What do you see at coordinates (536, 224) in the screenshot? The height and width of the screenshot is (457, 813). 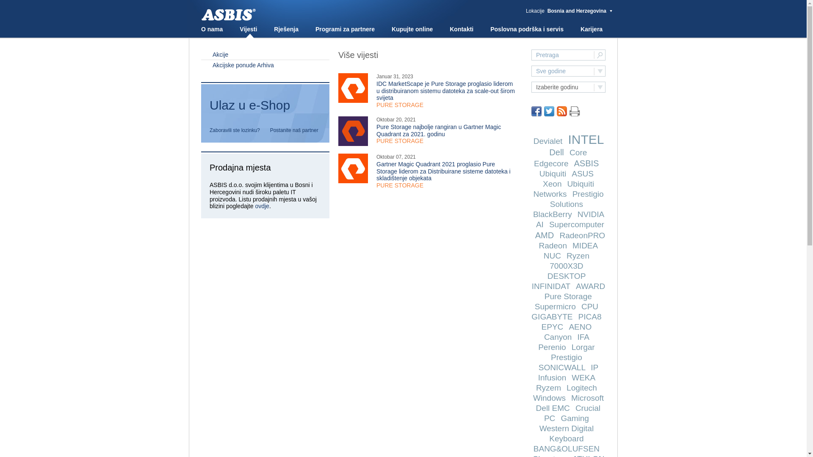 I see `'AI'` at bounding box center [536, 224].